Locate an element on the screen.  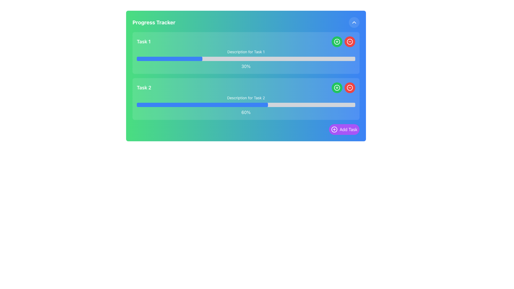
the green circular button located at the top-right corner of the first task row is located at coordinates (337, 41).